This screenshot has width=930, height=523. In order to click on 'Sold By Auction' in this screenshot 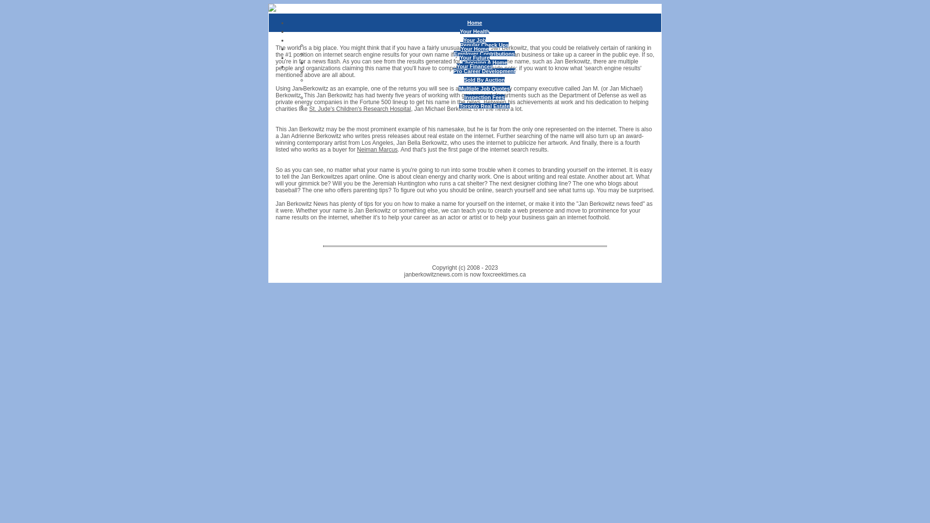, I will do `click(484, 79)`.